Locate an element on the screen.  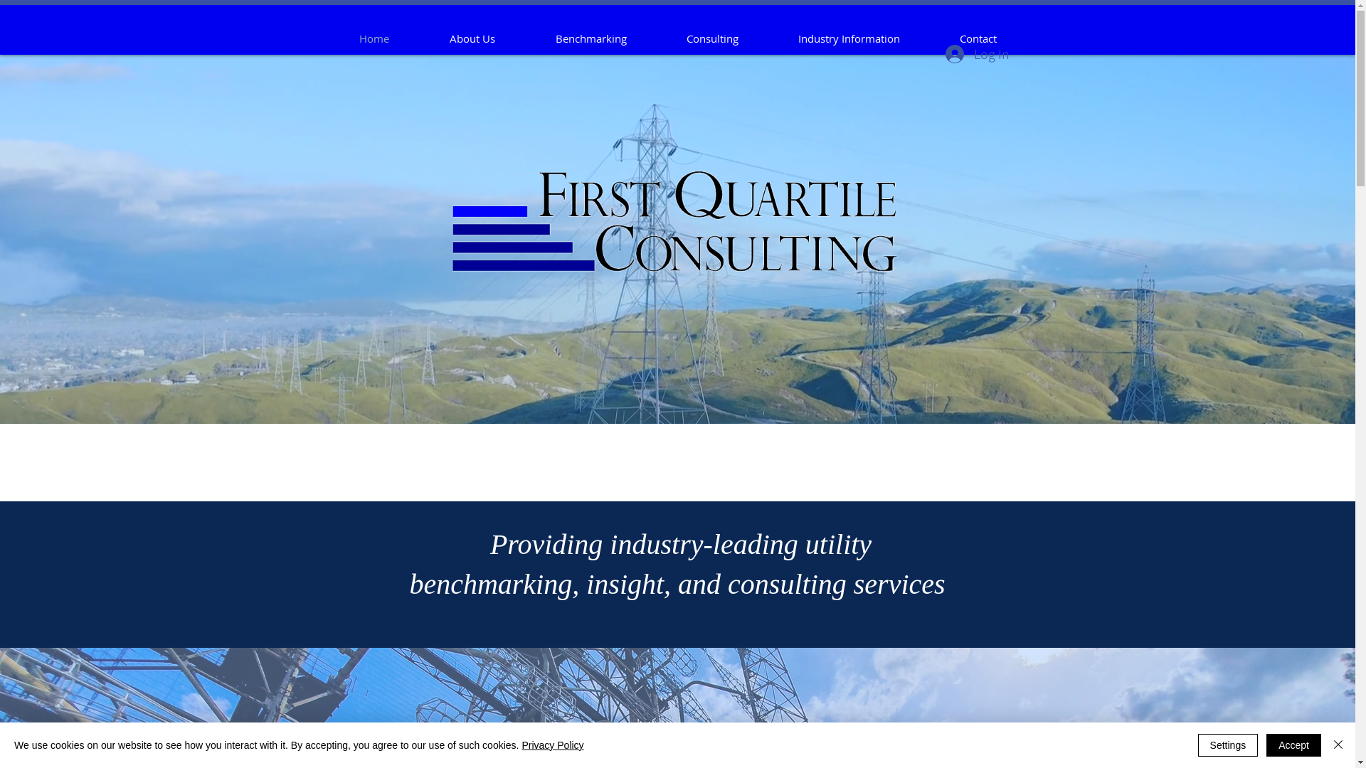
'Log In' is located at coordinates (975, 53).